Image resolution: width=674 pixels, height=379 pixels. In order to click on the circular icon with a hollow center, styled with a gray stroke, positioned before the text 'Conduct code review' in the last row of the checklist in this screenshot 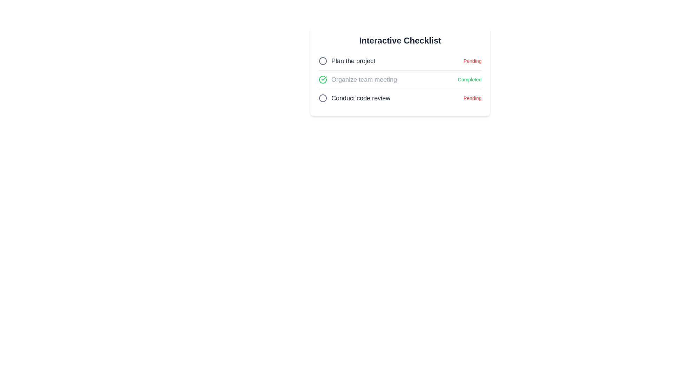, I will do `click(323, 98)`.